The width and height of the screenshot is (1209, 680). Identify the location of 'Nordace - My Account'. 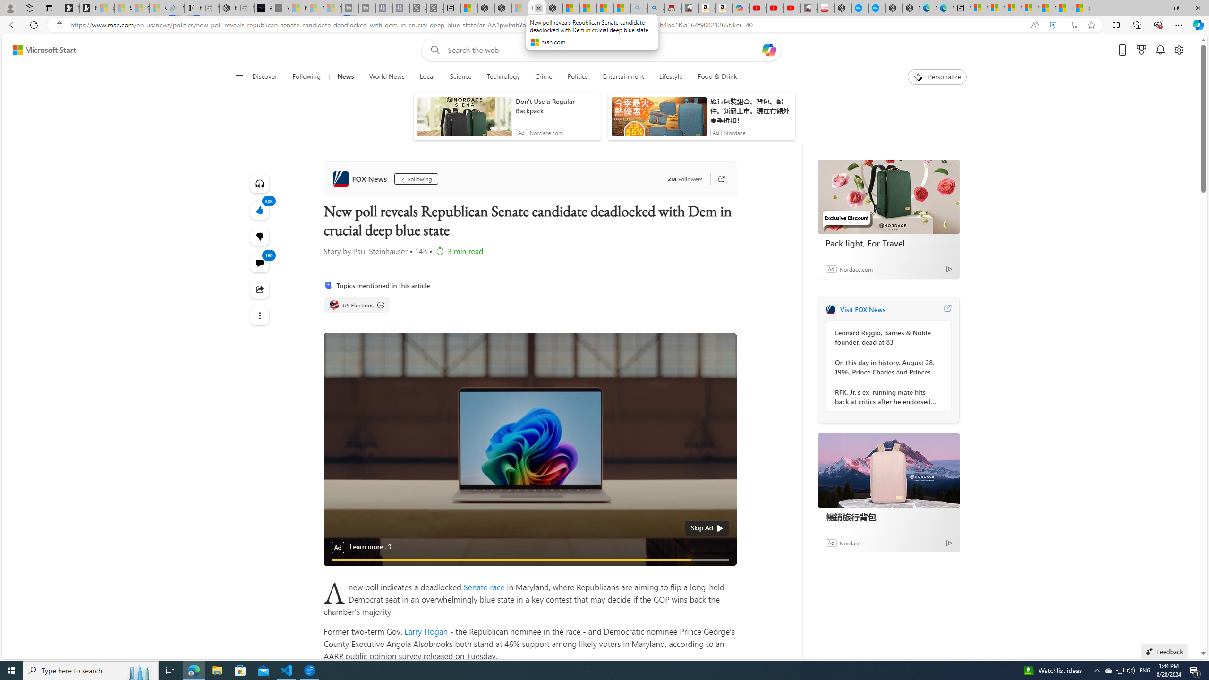
(843, 8).